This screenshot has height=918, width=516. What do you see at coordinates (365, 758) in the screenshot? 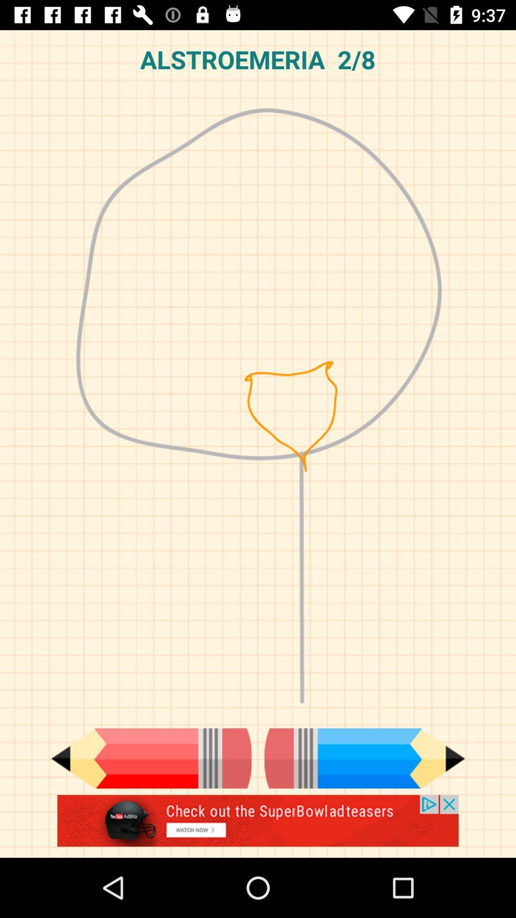
I see `color blue` at bounding box center [365, 758].